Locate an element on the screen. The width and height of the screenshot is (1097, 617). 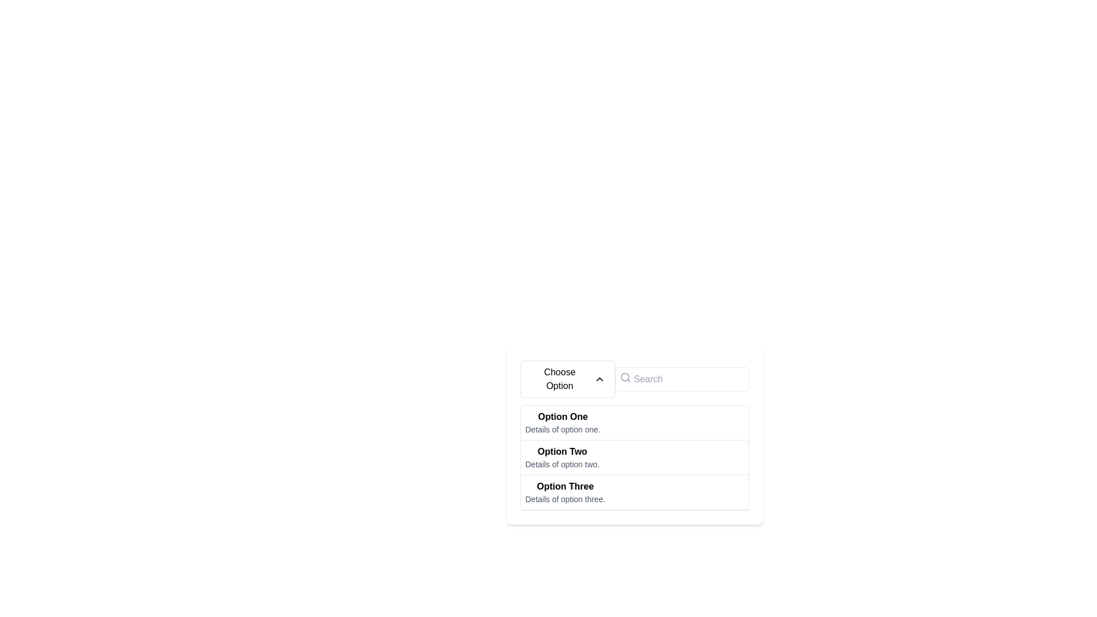
the selectable options panel located near the center-bottom of the interface is located at coordinates (634, 450).